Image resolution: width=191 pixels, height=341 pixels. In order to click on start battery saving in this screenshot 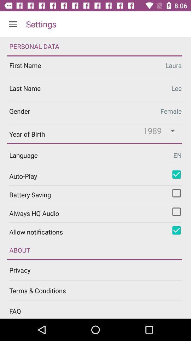, I will do `click(176, 193)`.